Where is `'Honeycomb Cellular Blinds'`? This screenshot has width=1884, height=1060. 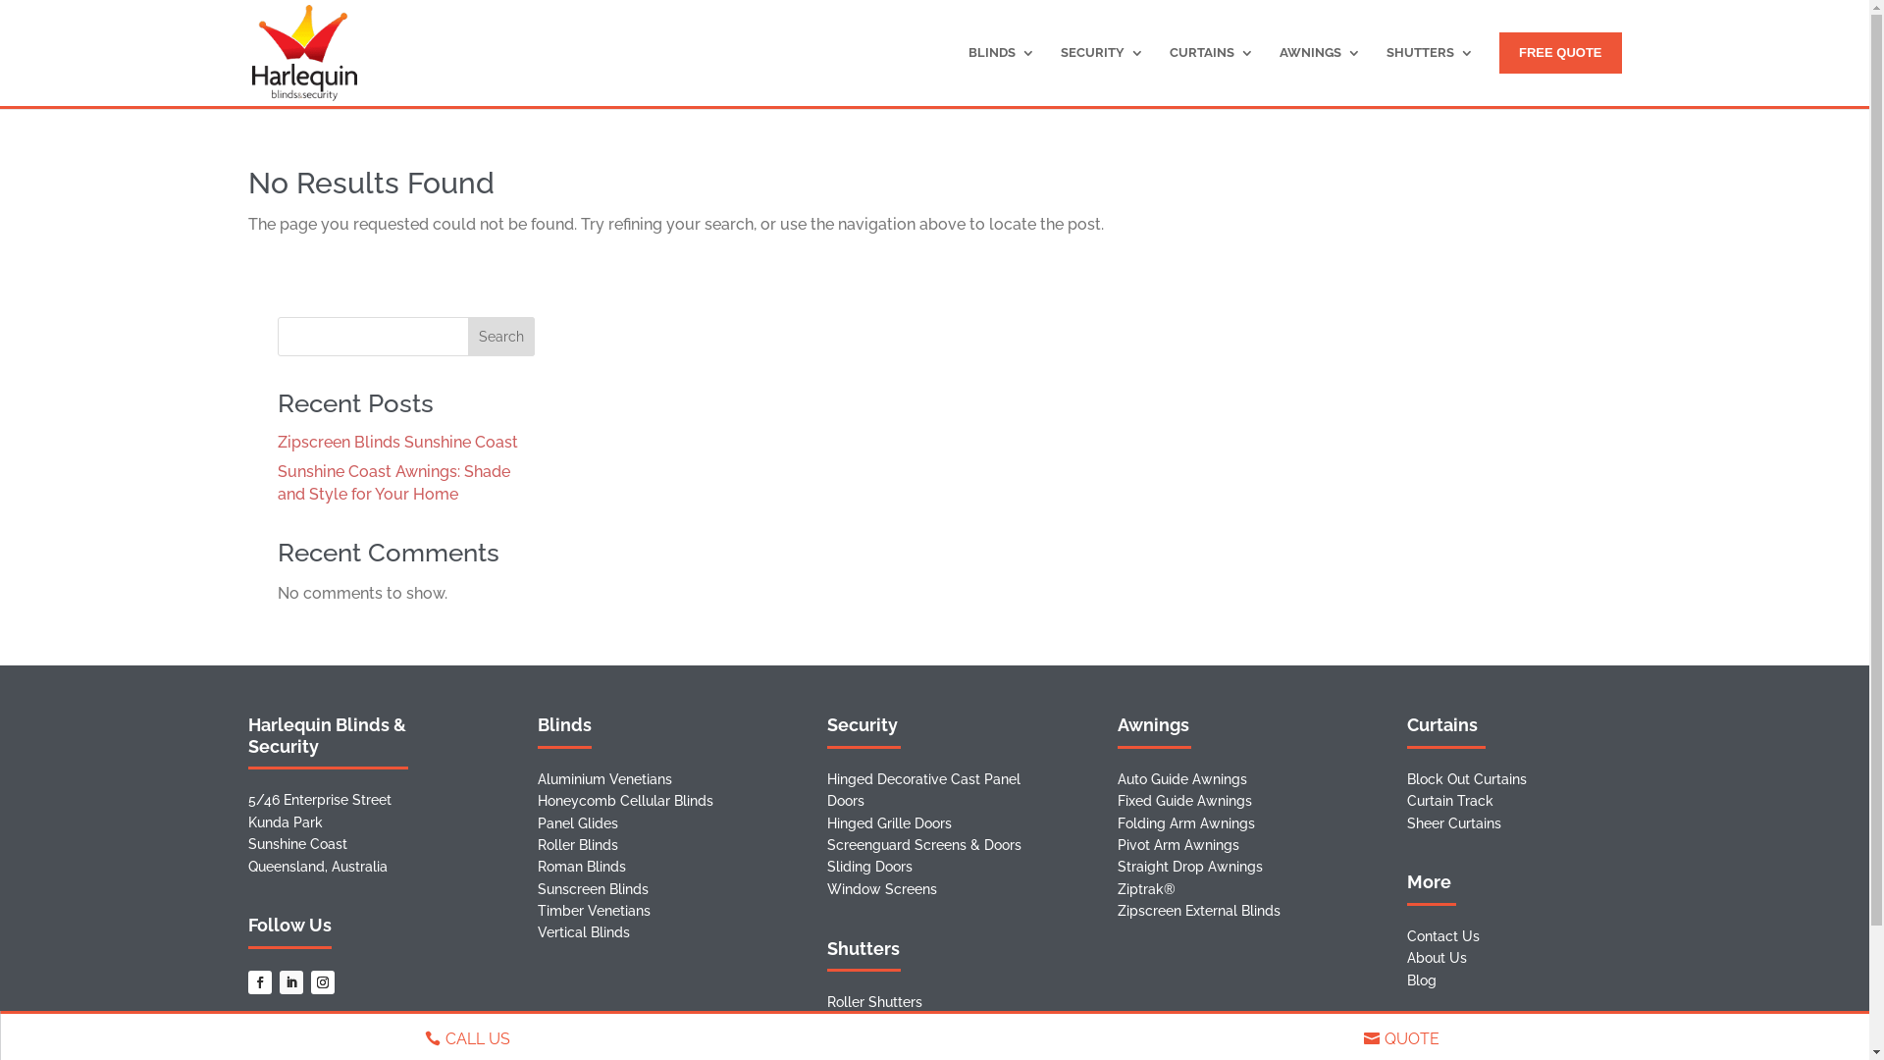 'Honeycomb Cellular Blinds' is located at coordinates (624, 801).